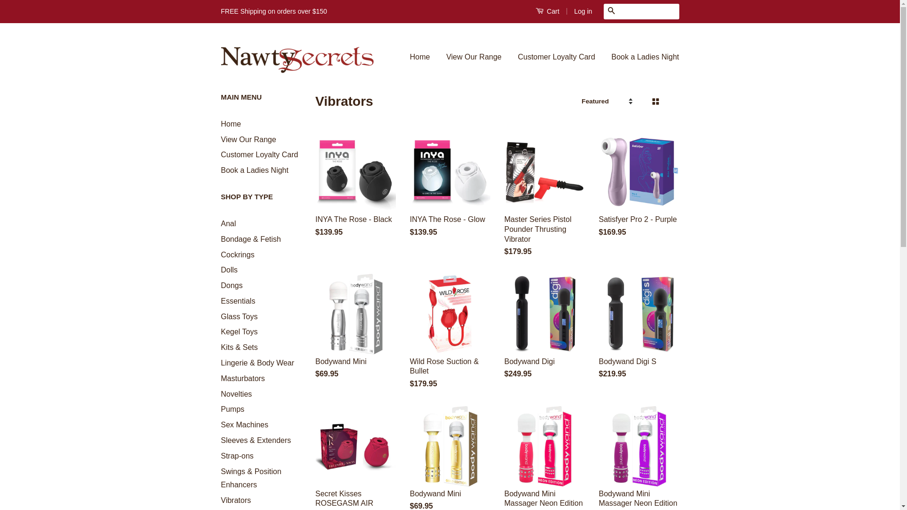 The image size is (907, 510). What do you see at coordinates (639, 192) in the screenshot?
I see `'Satisfyer Pro 2 - Purple` at bounding box center [639, 192].